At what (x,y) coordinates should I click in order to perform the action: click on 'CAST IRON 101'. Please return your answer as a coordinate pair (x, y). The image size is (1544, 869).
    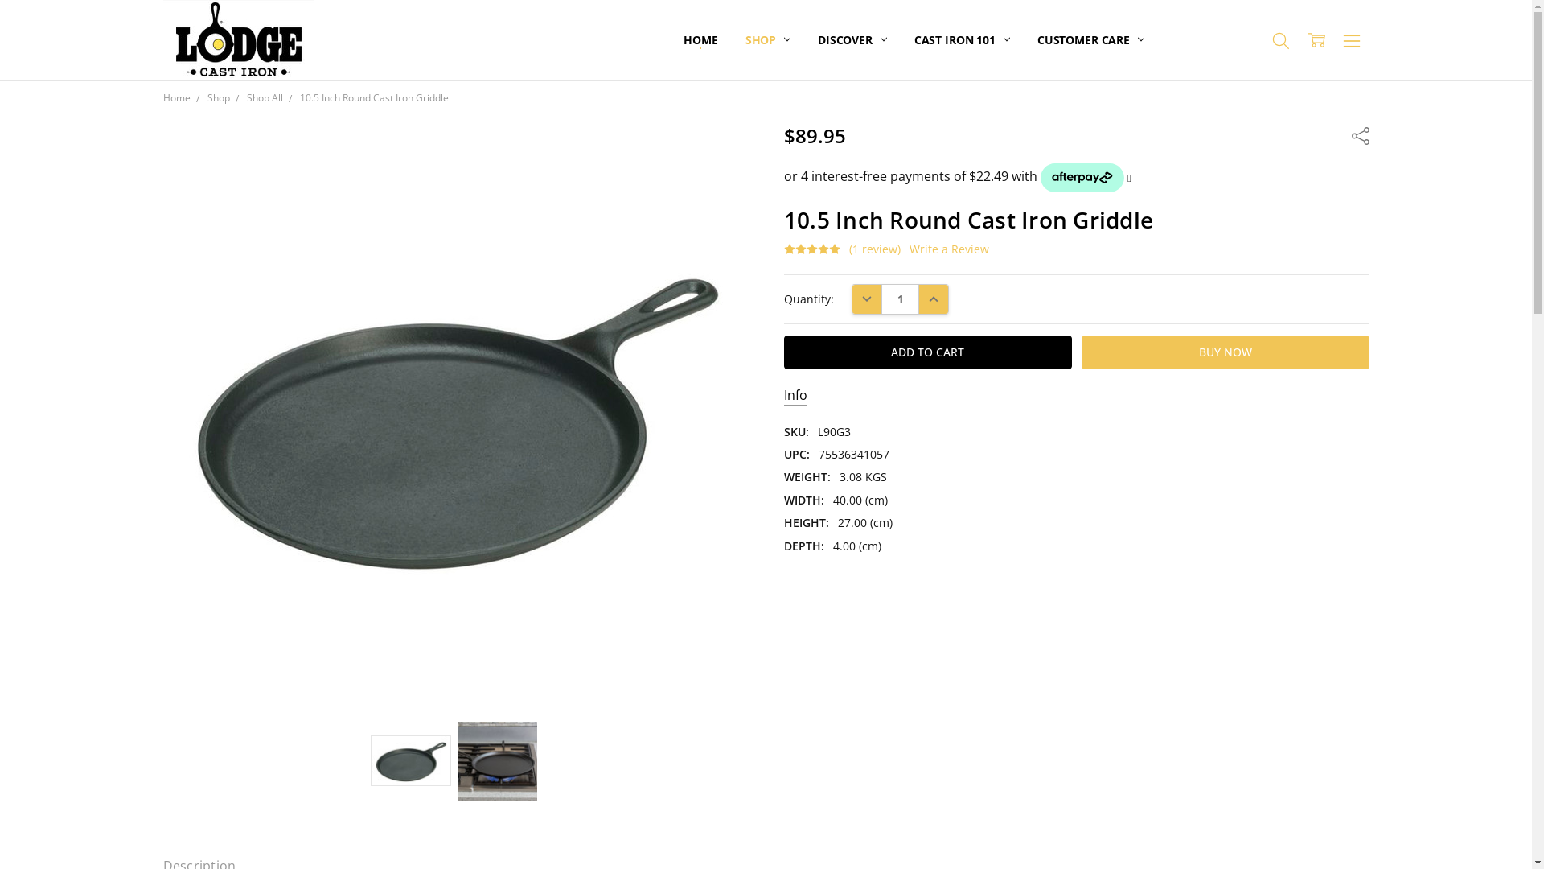
    Looking at the image, I should click on (899, 39).